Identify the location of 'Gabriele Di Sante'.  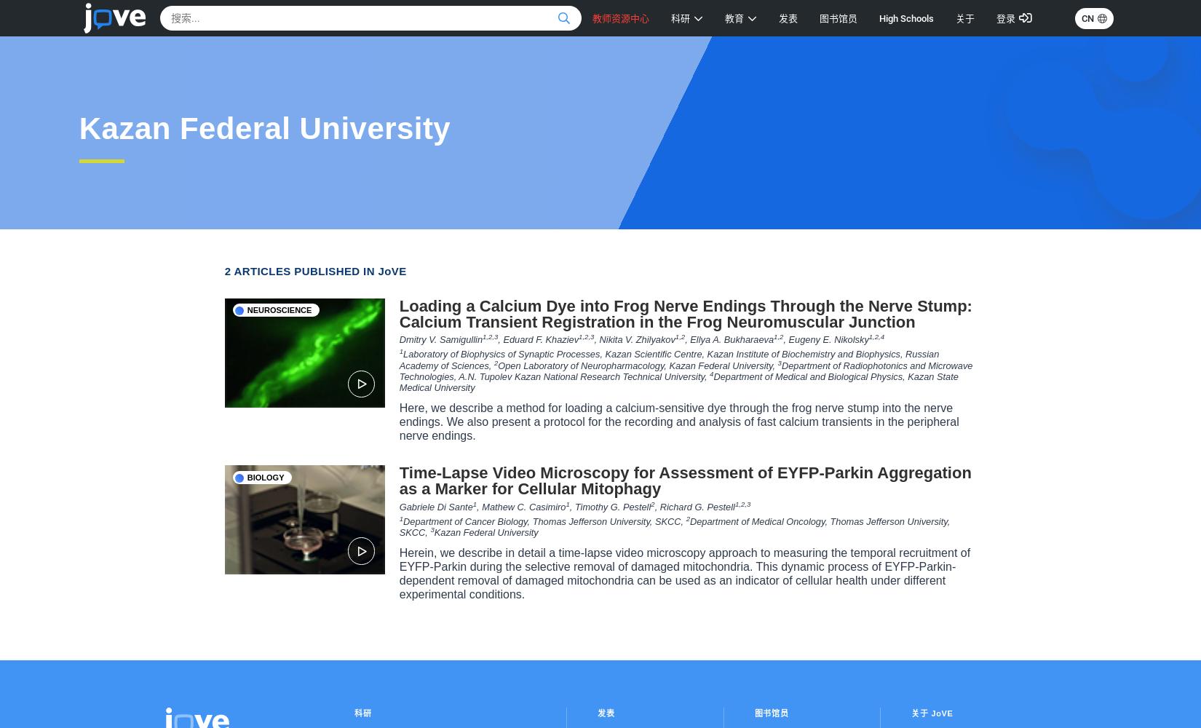
(435, 505).